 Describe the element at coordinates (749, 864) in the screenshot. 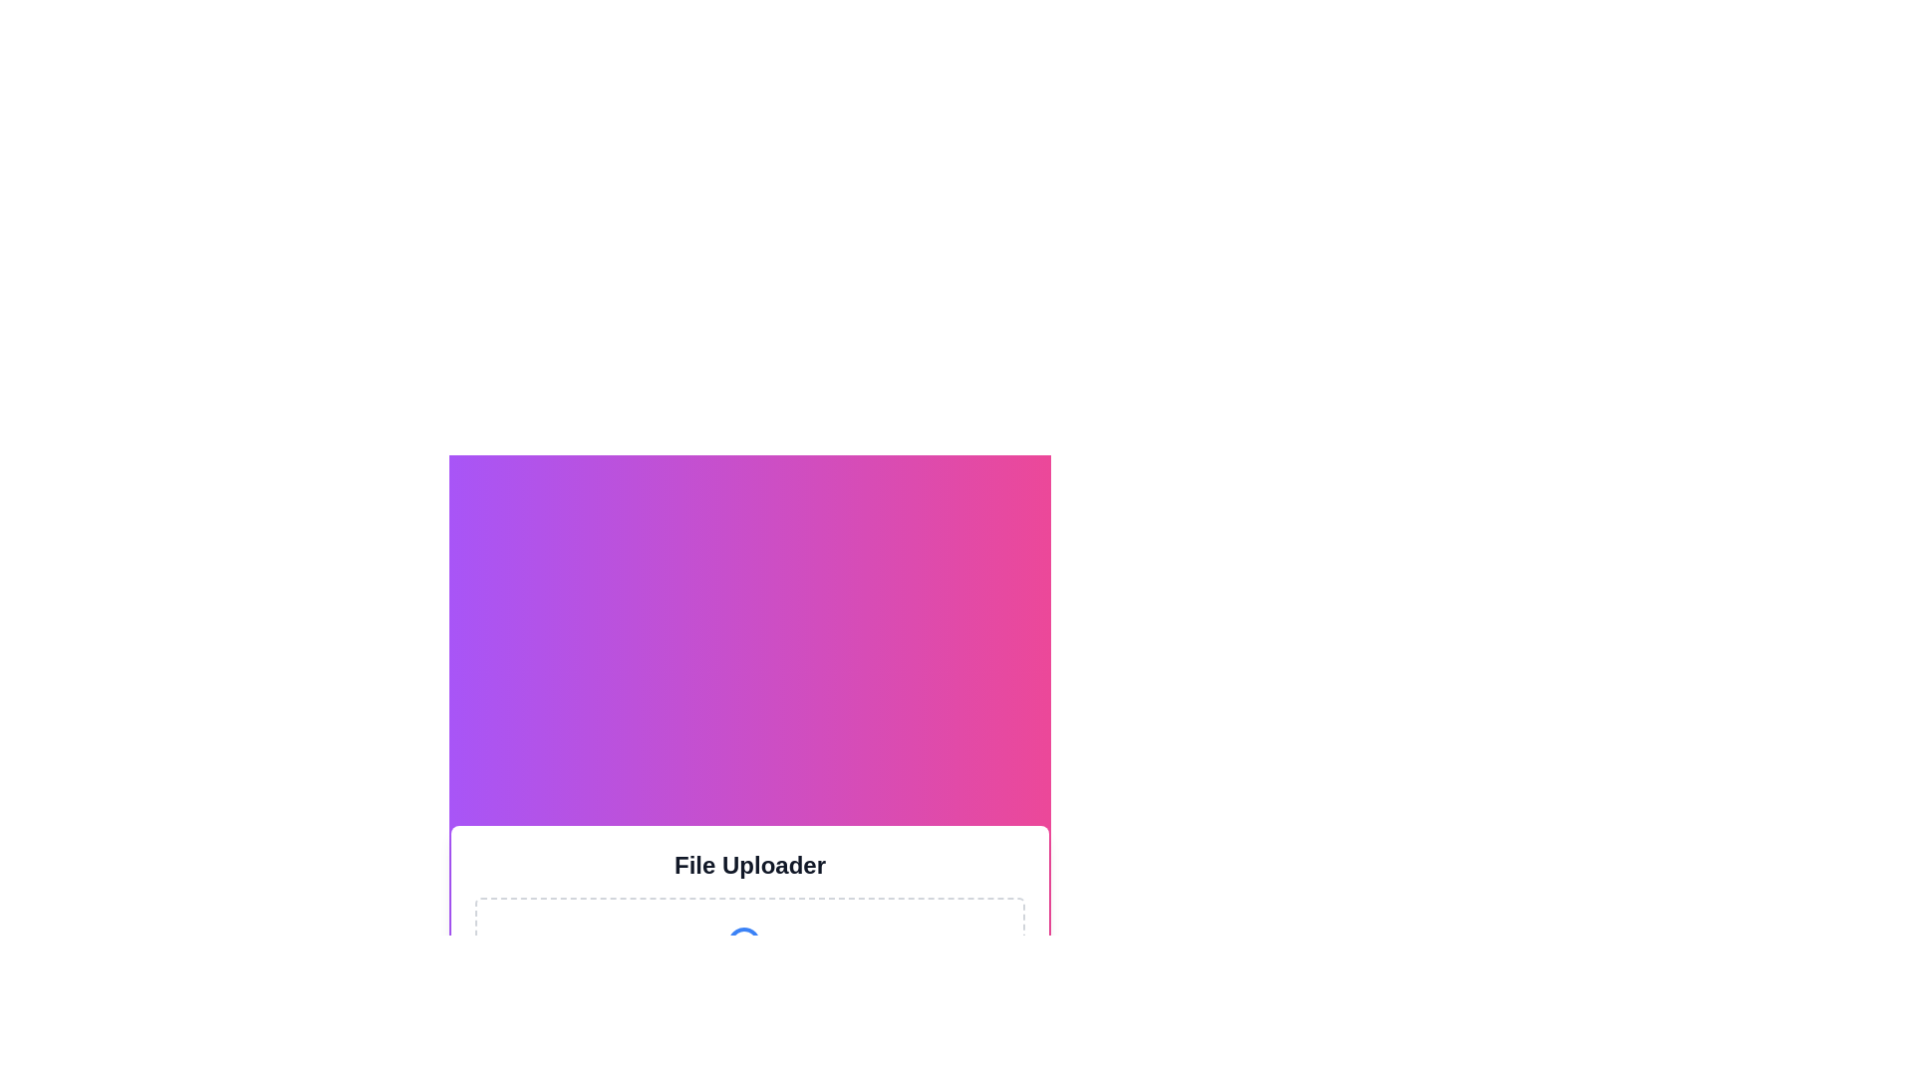

I see `the static text heading that serves as the title for the file uploading section, located at the top of the centered white card with rounded corners` at that location.